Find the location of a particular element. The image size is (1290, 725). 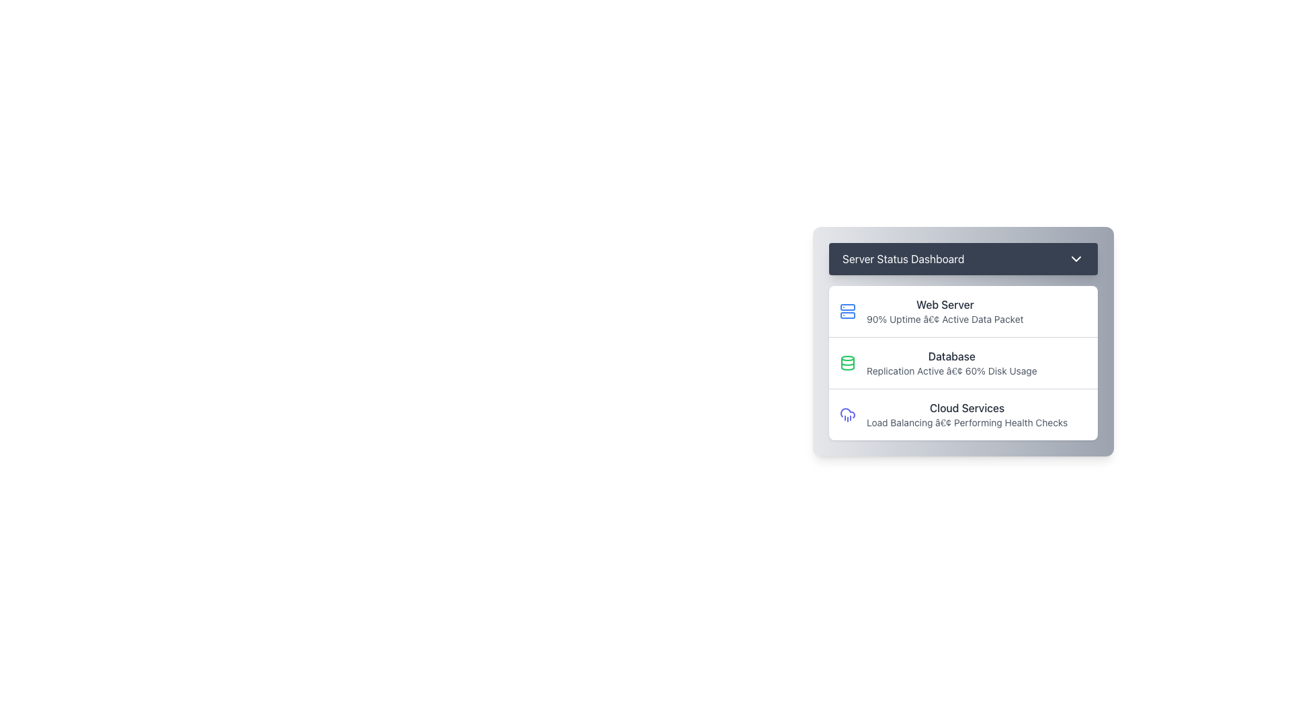

the 'Cloud Services' label in the 'Server Status Dashboard' card, which provides a summary of associated tasks like 'Load Balancing' and 'Performing Health Checks' is located at coordinates (966, 414).